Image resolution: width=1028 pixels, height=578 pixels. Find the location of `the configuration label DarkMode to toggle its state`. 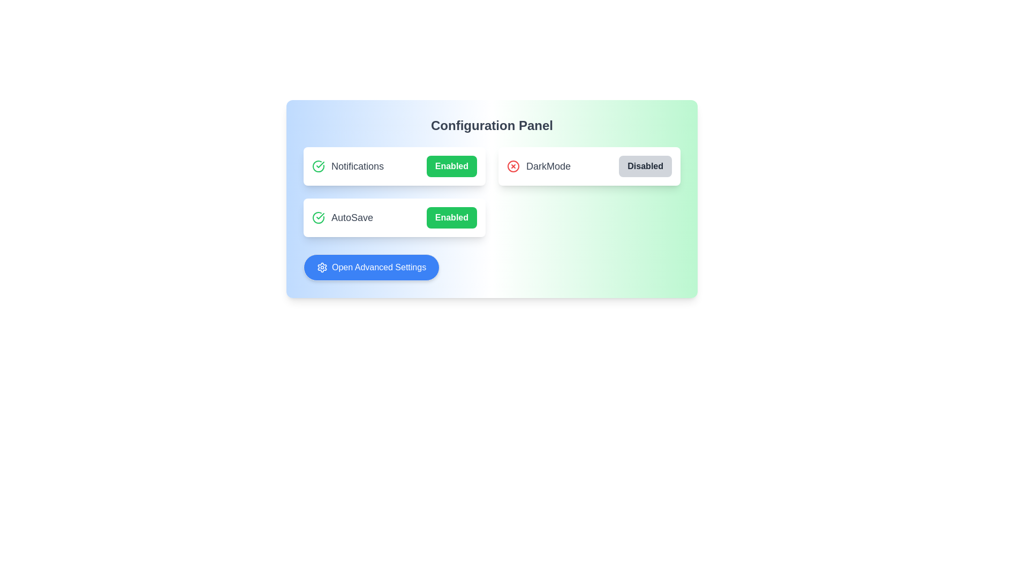

the configuration label DarkMode to toggle its state is located at coordinates (588, 166).